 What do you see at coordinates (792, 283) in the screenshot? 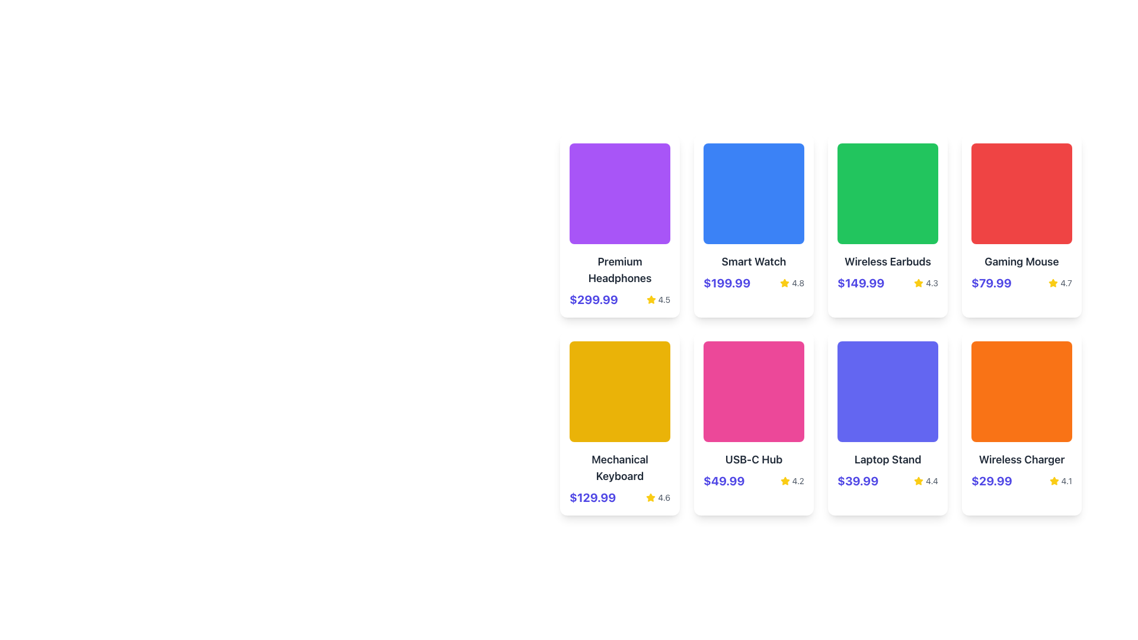
I see `the Rating display that shows the average user rating for the 'Smart Watch' product, located to the right of the price '$199.99' at the bottom-right of the card` at bounding box center [792, 283].